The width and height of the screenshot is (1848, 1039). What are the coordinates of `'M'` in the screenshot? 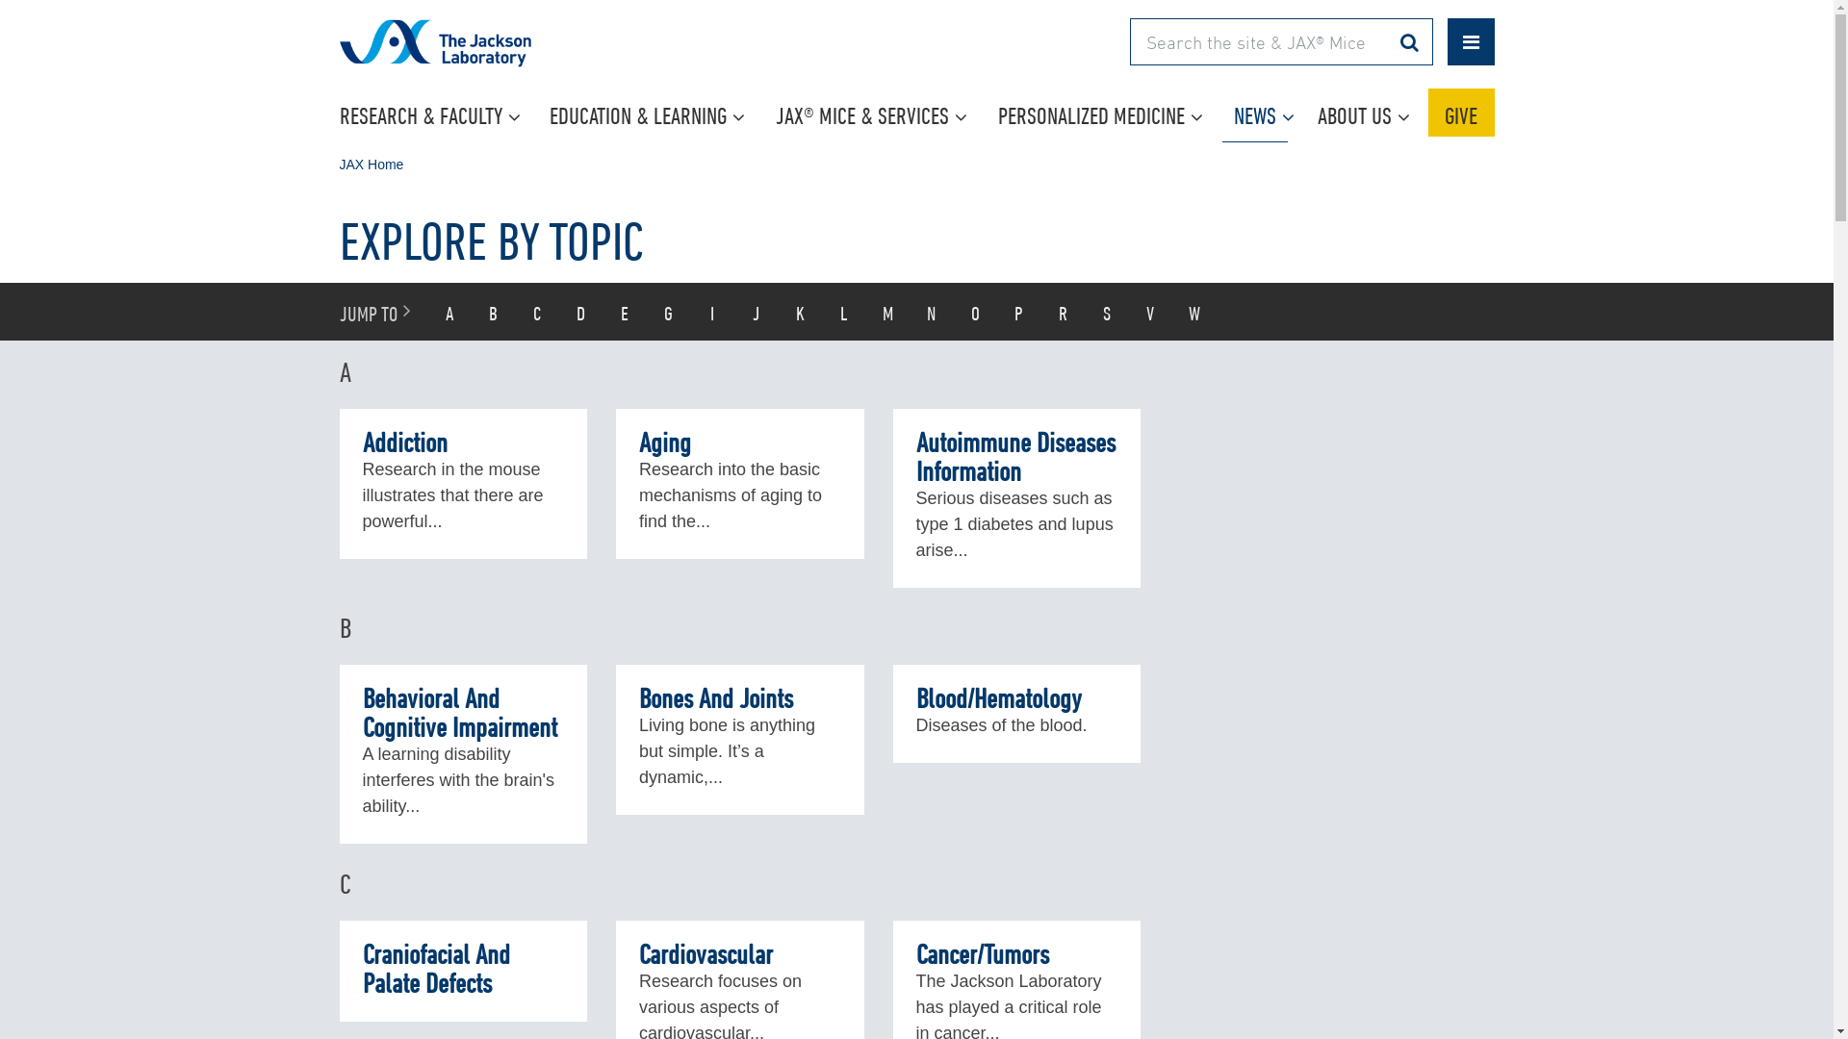 It's located at (886, 311).